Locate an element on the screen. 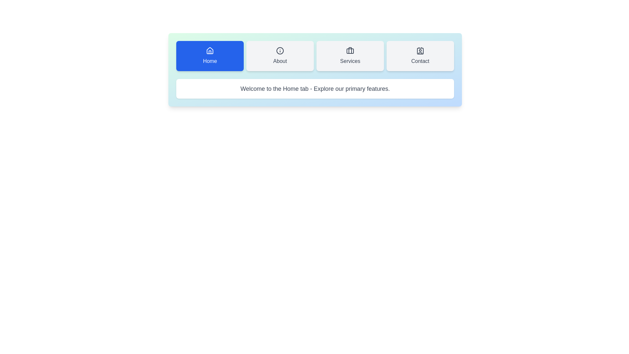 The height and width of the screenshot is (354, 629). the vertical rectangular handle of the briefcase icon located centrally within the third button labeled 'Services' in the horizontal navigation bar is located at coordinates (350, 50).